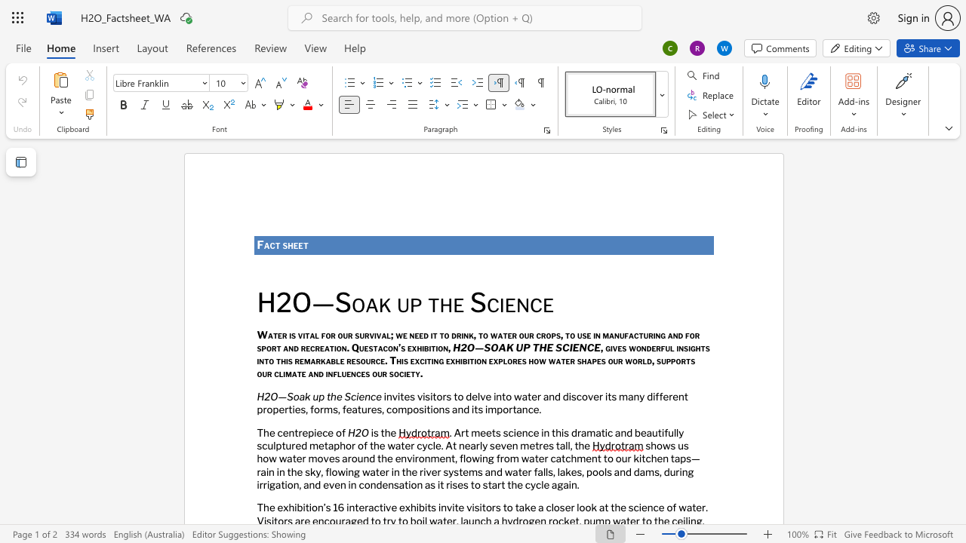  I want to click on the 1th character "i" in the text, so click(314, 432).